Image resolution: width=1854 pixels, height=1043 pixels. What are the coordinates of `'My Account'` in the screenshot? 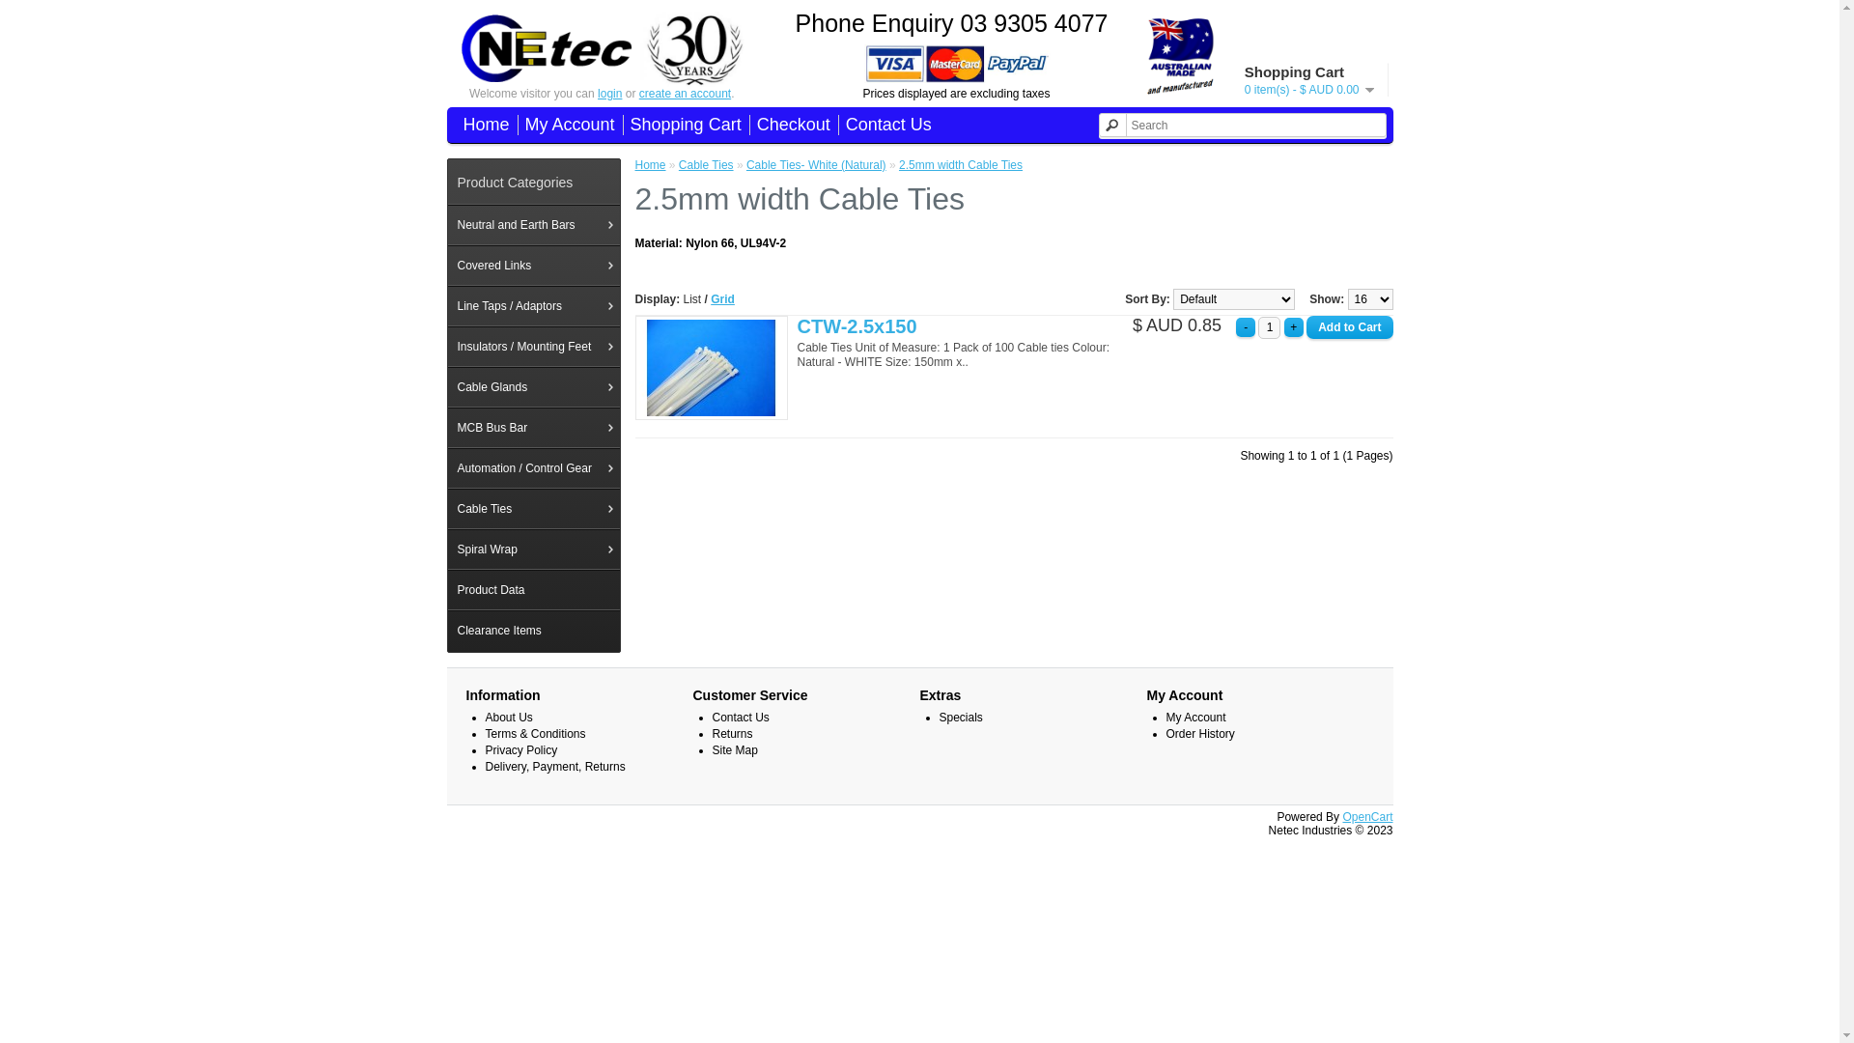 It's located at (565, 125).